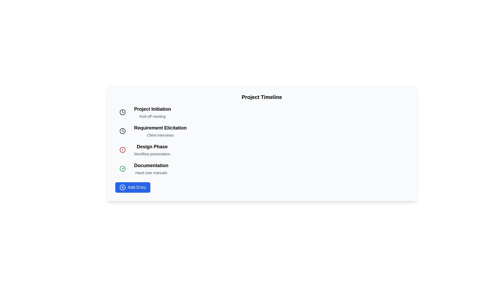  Describe the element at coordinates (152, 112) in the screenshot. I see `the text label indicating 'Project Initiation' with additional context 'Kick-off meeting' for additional information` at that location.